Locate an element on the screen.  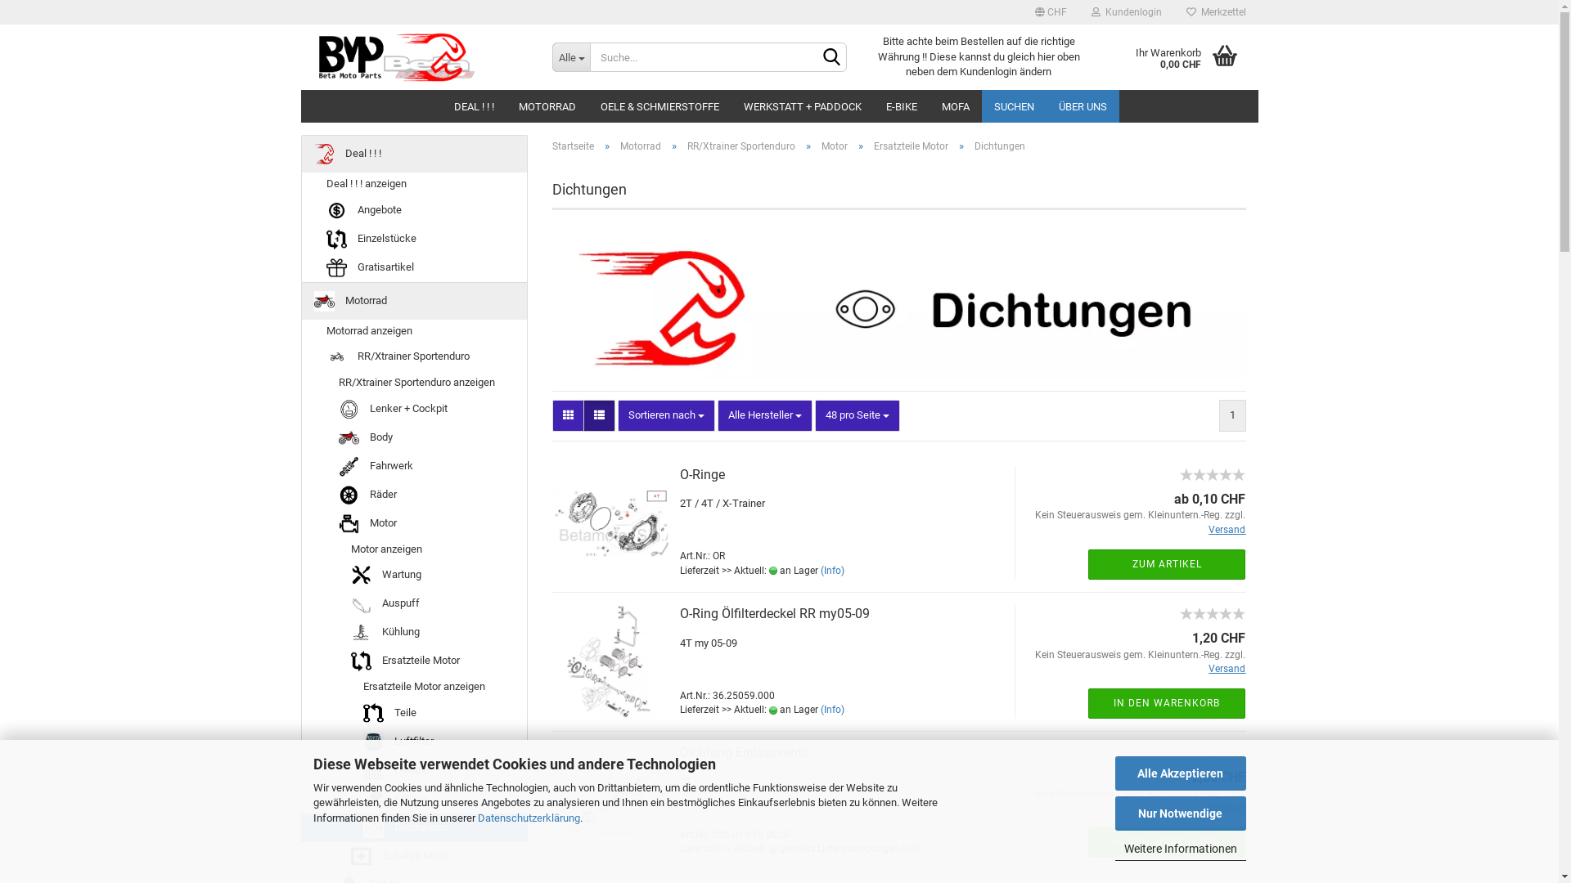
'OELE & SCHMIERSTOFFE' is located at coordinates (659, 106).